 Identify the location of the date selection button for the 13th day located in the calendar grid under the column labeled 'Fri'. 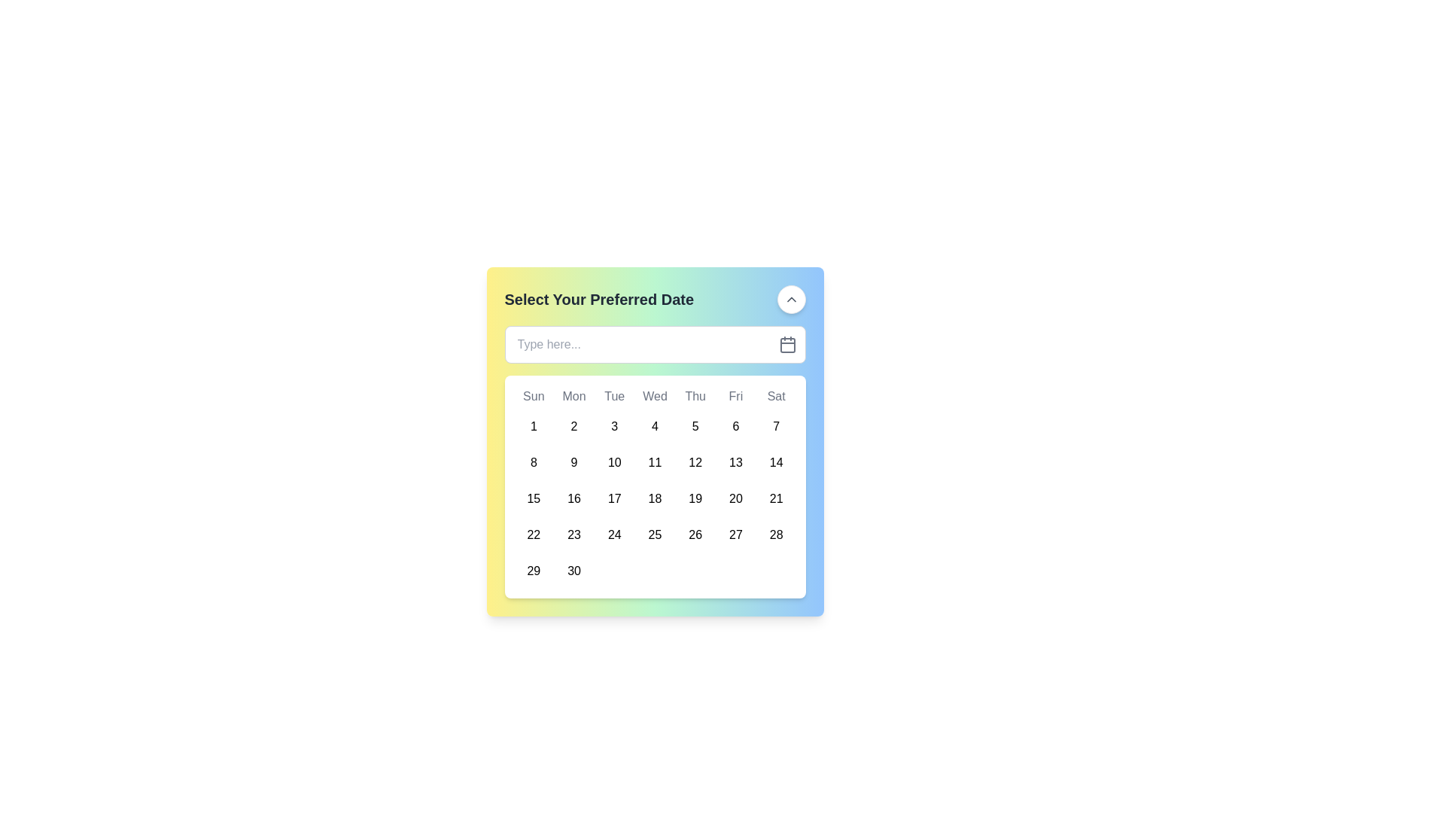
(735, 461).